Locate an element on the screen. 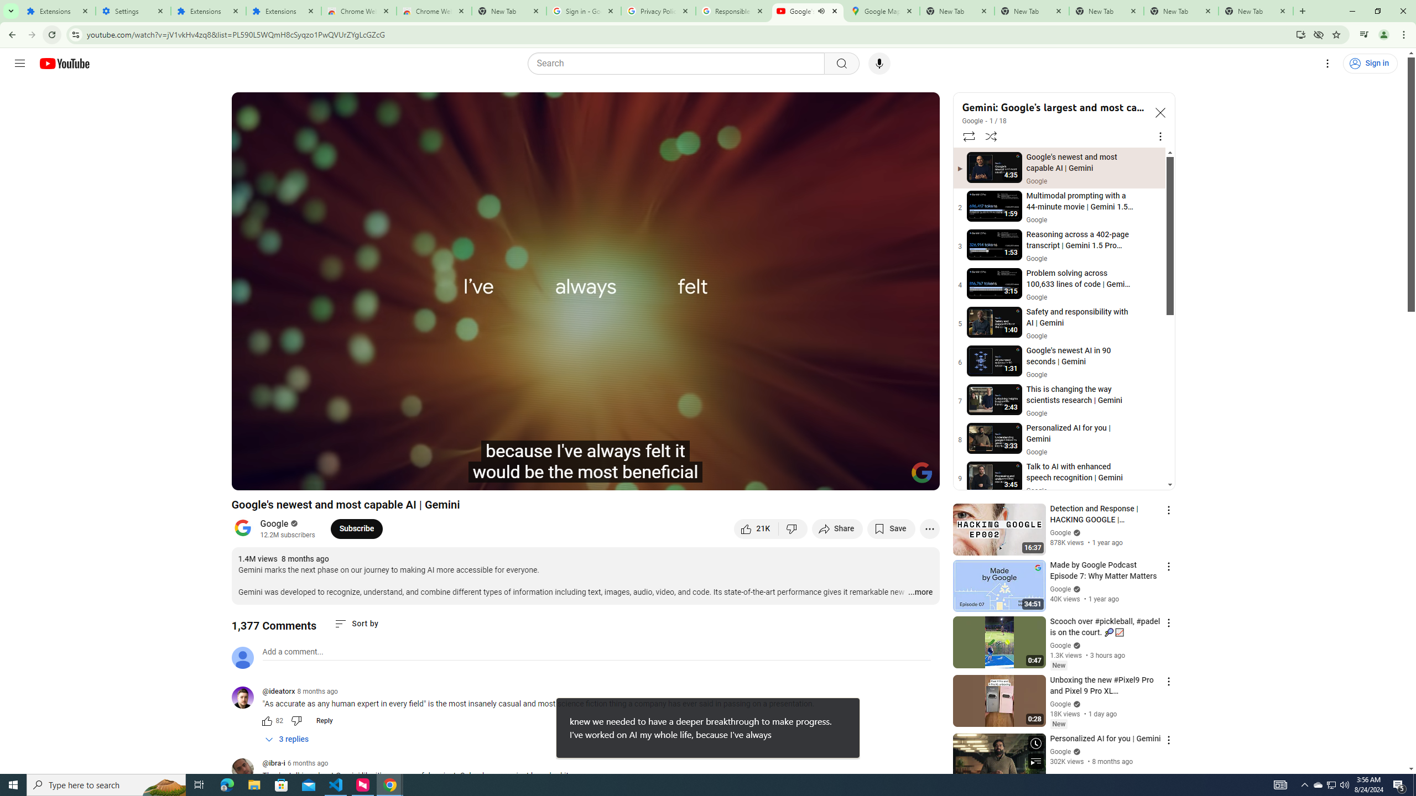 This screenshot has height=796, width=1416. 'More actions' is located at coordinates (929, 528).